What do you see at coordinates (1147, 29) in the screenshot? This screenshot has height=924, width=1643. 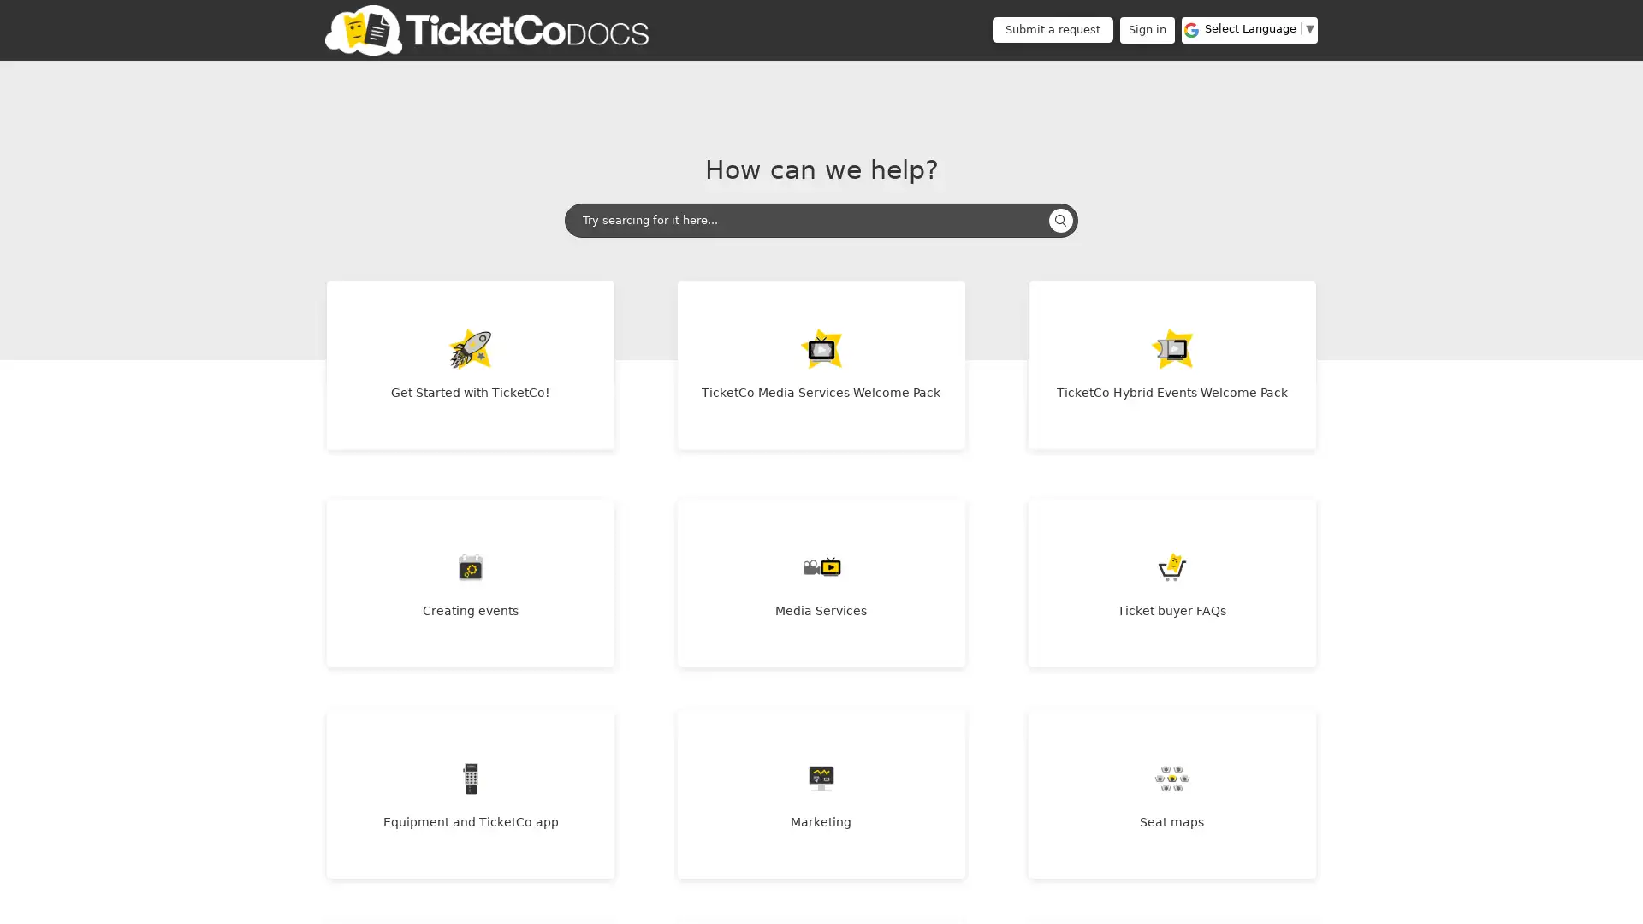 I see `Sign in` at bounding box center [1147, 29].